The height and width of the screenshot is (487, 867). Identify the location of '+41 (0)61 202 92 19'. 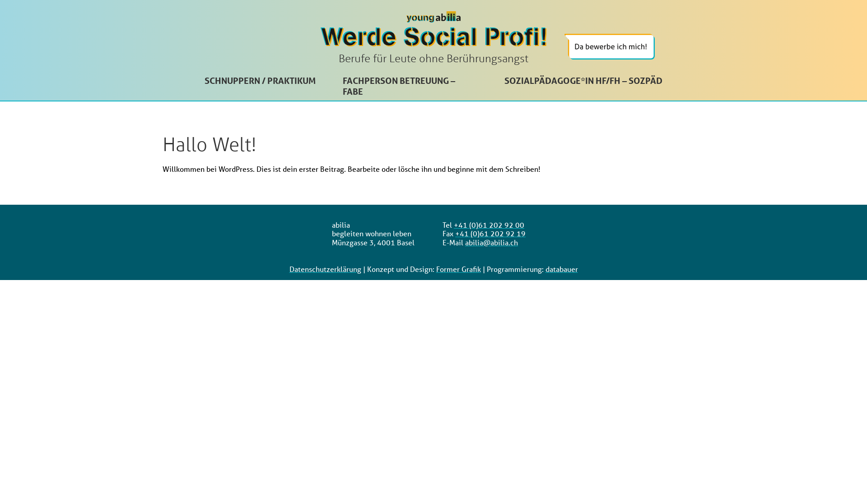
(489, 233).